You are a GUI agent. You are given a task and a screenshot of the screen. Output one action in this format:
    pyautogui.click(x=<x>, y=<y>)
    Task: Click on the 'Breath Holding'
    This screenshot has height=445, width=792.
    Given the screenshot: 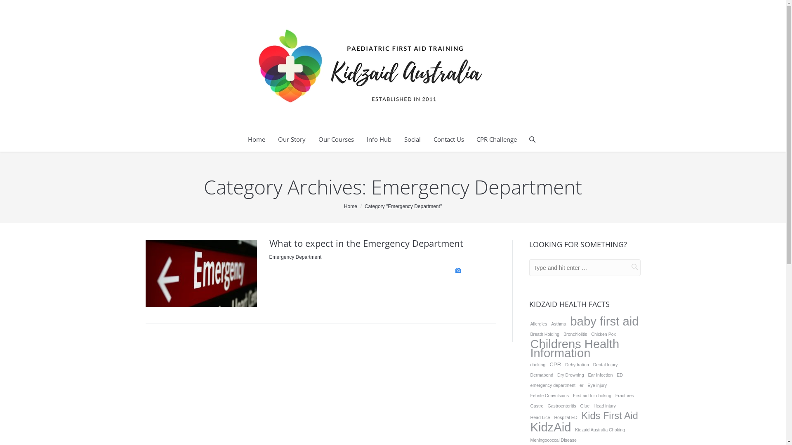 What is the action you would take?
    pyautogui.click(x=544, y=334)
    